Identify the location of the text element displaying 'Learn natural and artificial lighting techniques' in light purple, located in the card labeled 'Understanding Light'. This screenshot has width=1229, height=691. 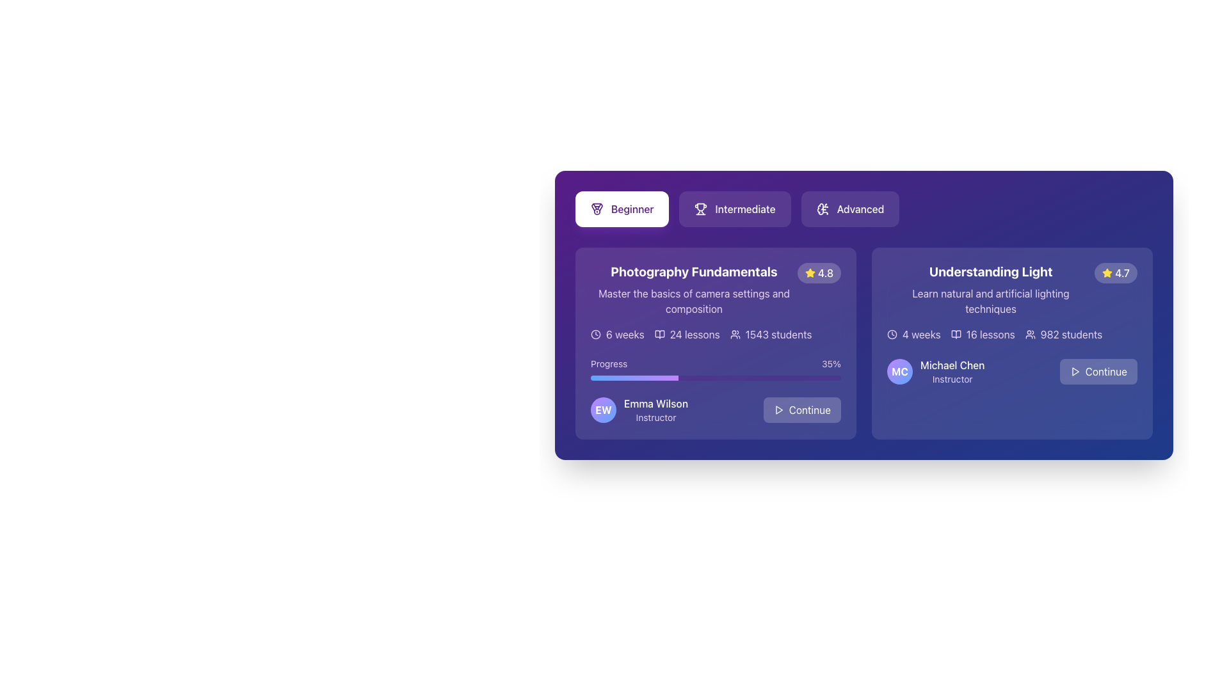
(990, 301).